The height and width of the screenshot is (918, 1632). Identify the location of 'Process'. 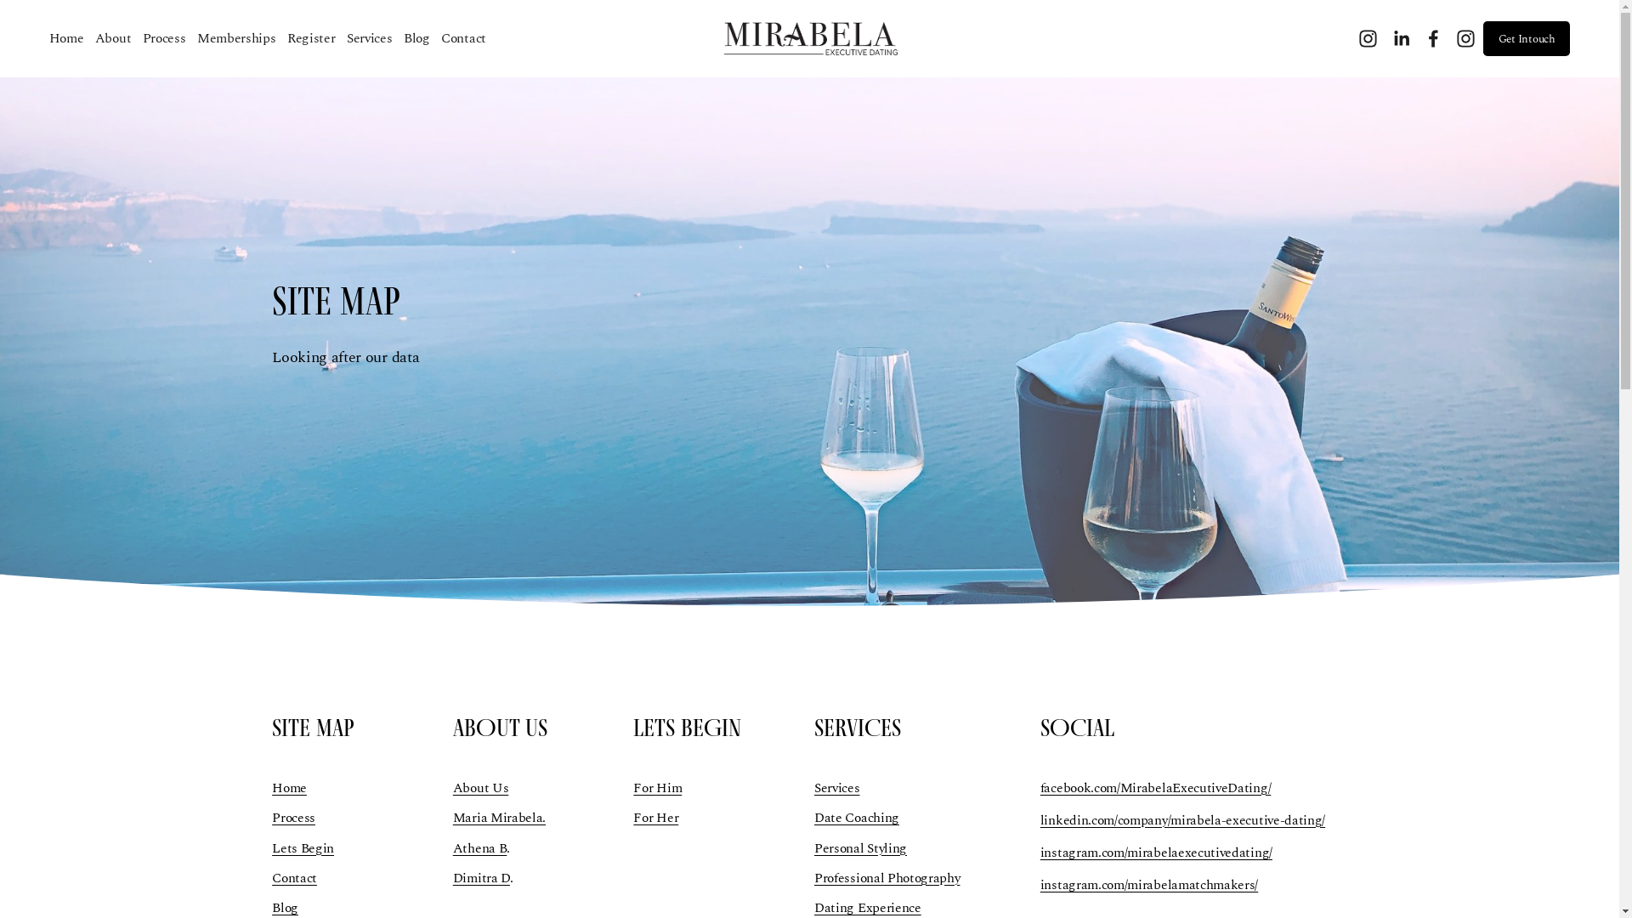
(293, 816).